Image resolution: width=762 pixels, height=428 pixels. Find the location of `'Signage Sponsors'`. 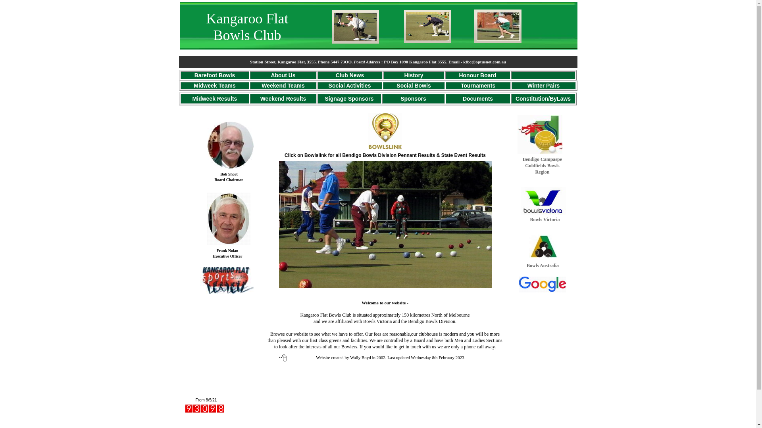

'Signage Sponsors' is located at coordinates (325, 98).